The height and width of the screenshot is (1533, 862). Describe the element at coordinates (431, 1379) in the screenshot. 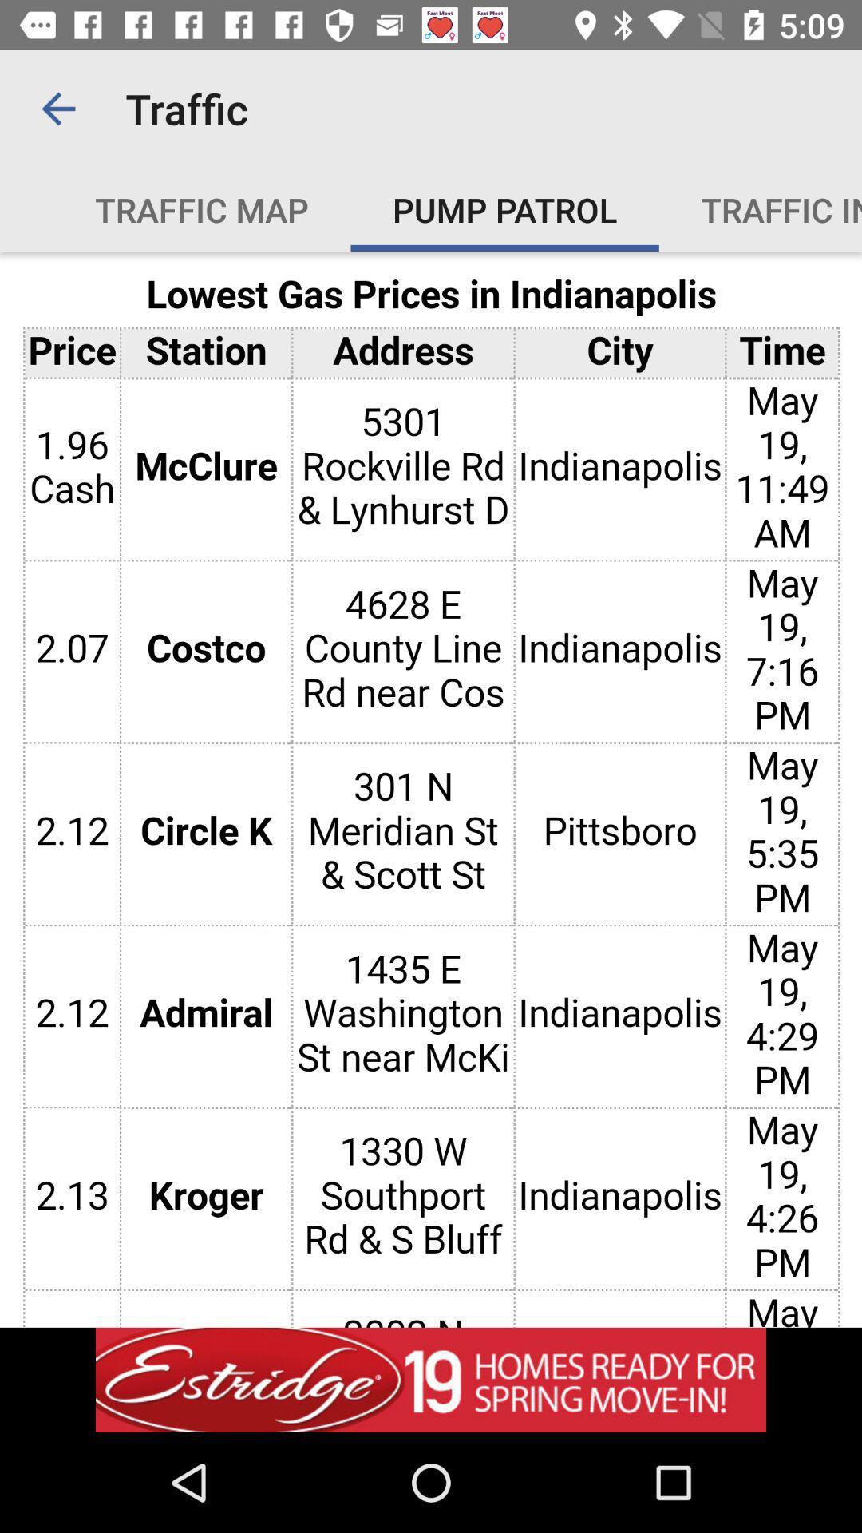

I see `adventisment page` at that location.